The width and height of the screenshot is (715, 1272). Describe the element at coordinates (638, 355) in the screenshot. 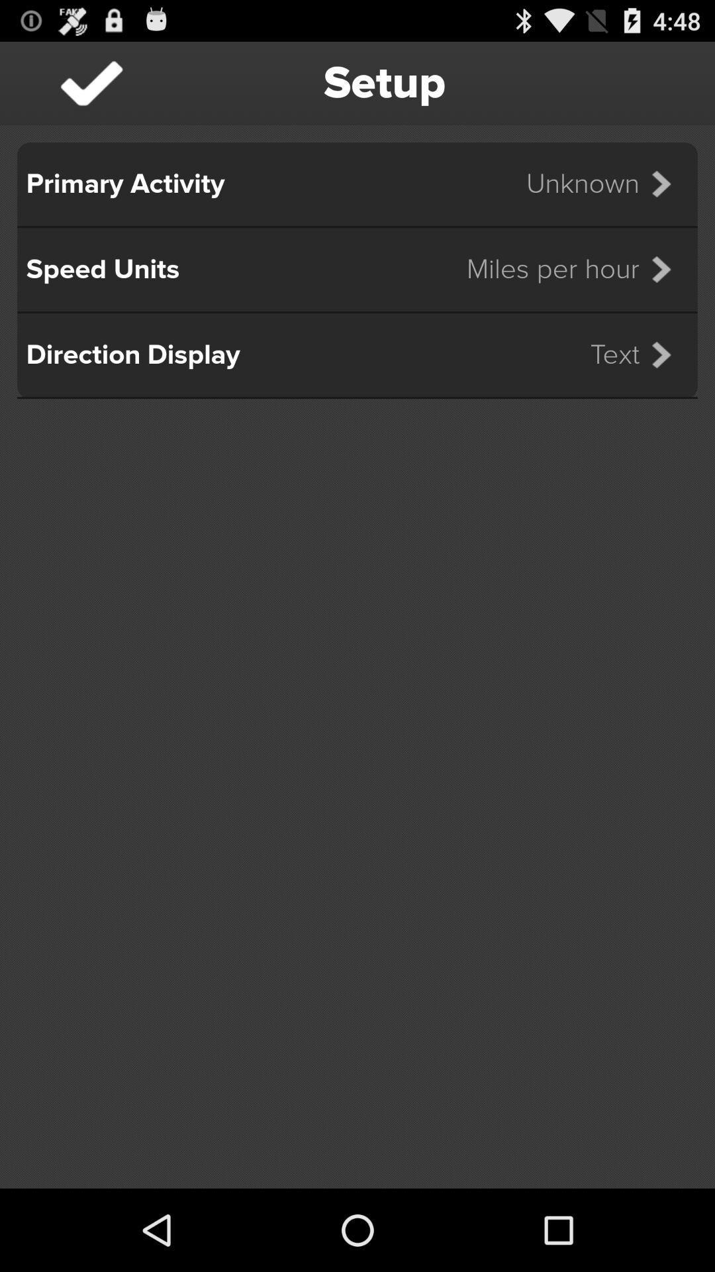

I see `item next to the direction display item` at that location.